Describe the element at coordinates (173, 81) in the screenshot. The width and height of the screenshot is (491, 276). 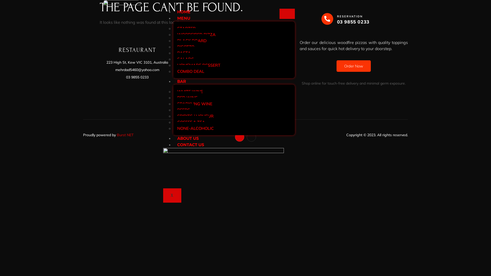
I see `'BAR'` at that location.